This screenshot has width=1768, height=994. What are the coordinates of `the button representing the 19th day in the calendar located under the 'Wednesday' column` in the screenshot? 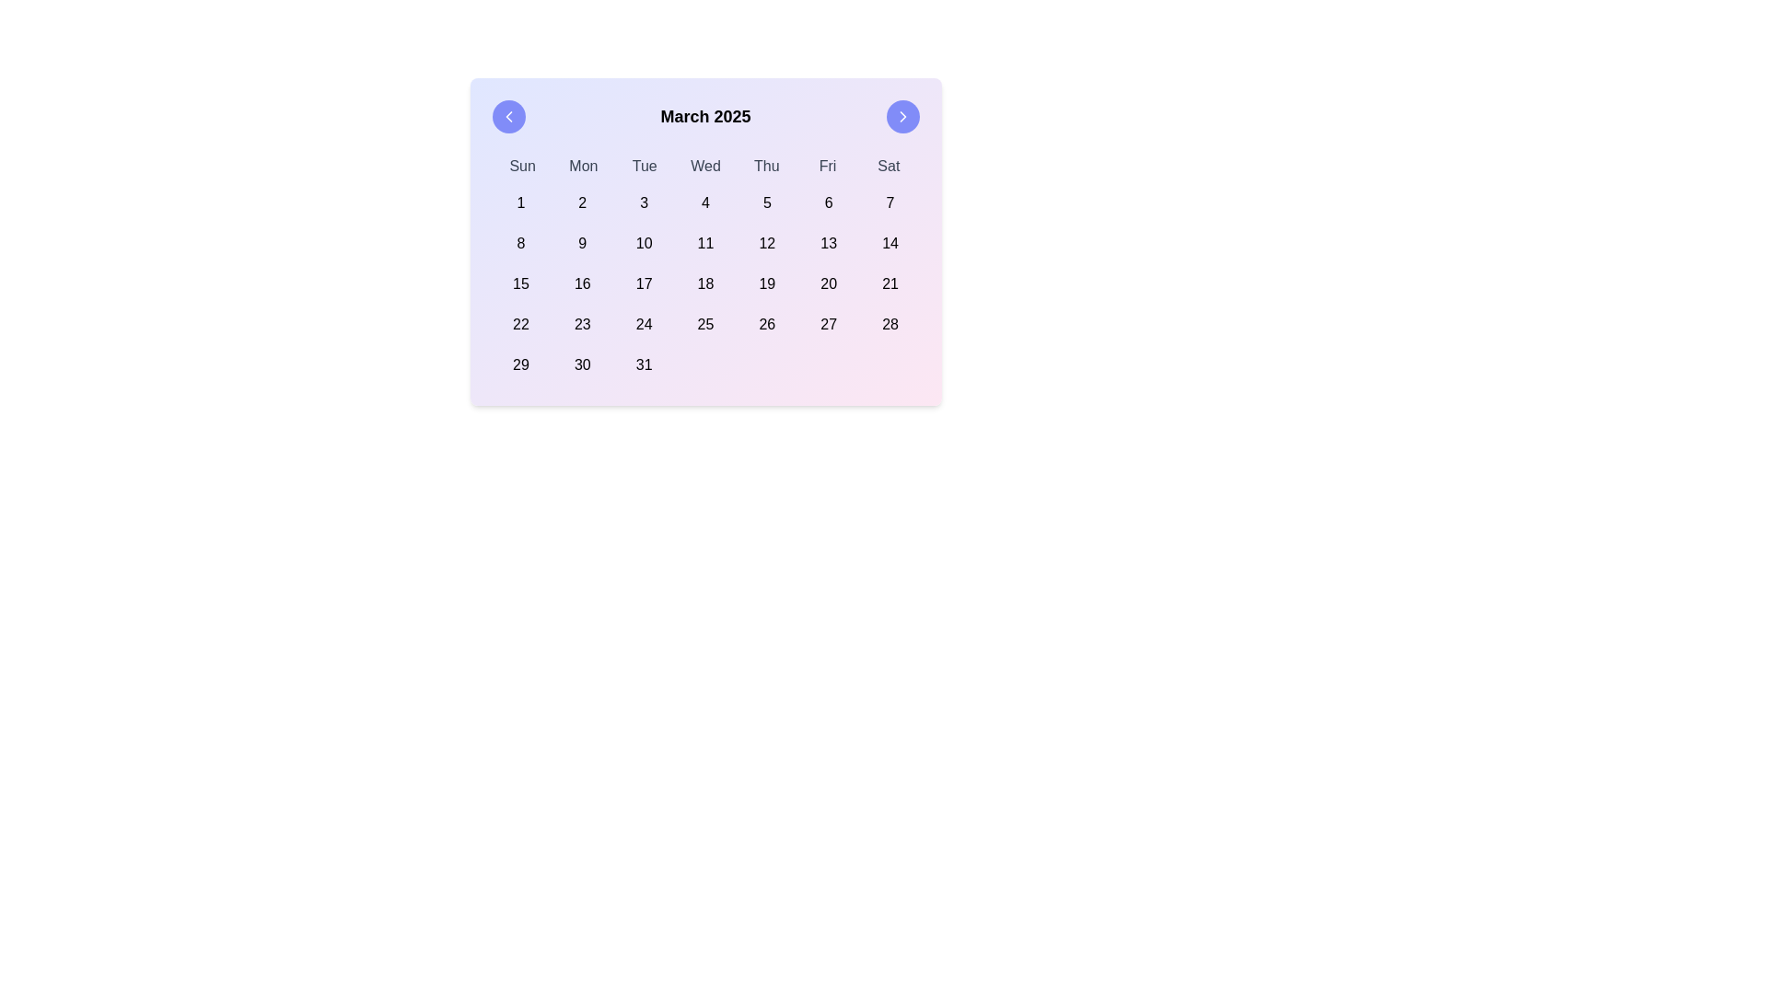 It's located at (767, 283).